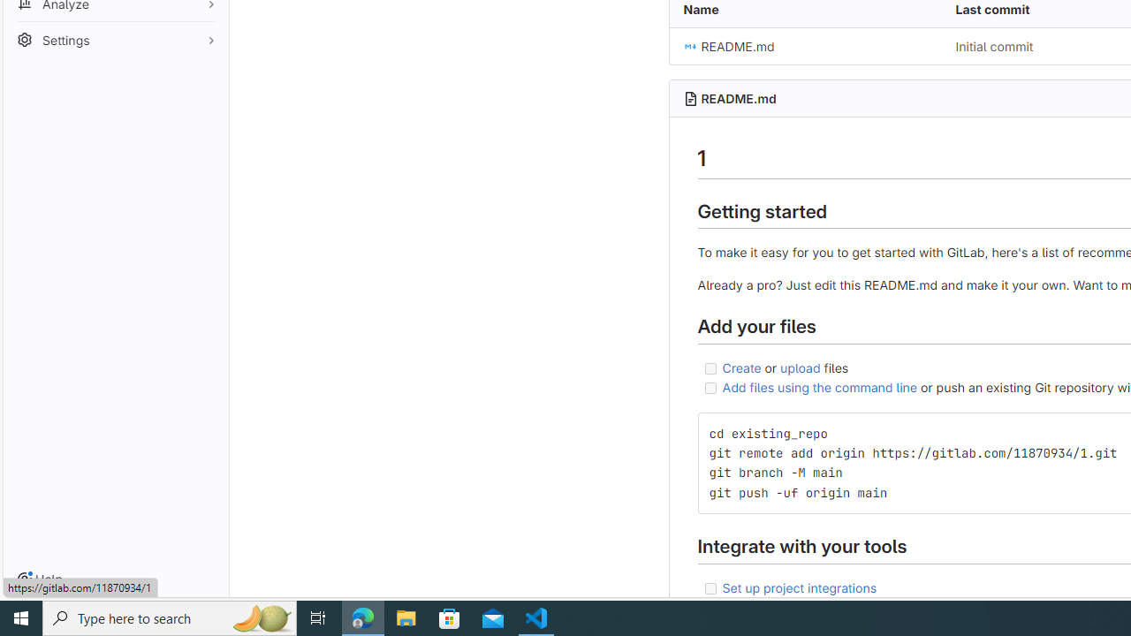  Describe the element at coordinates (710, 588) in the screenshot. I see `'Class: task-list-item-checkbox'` at that location.